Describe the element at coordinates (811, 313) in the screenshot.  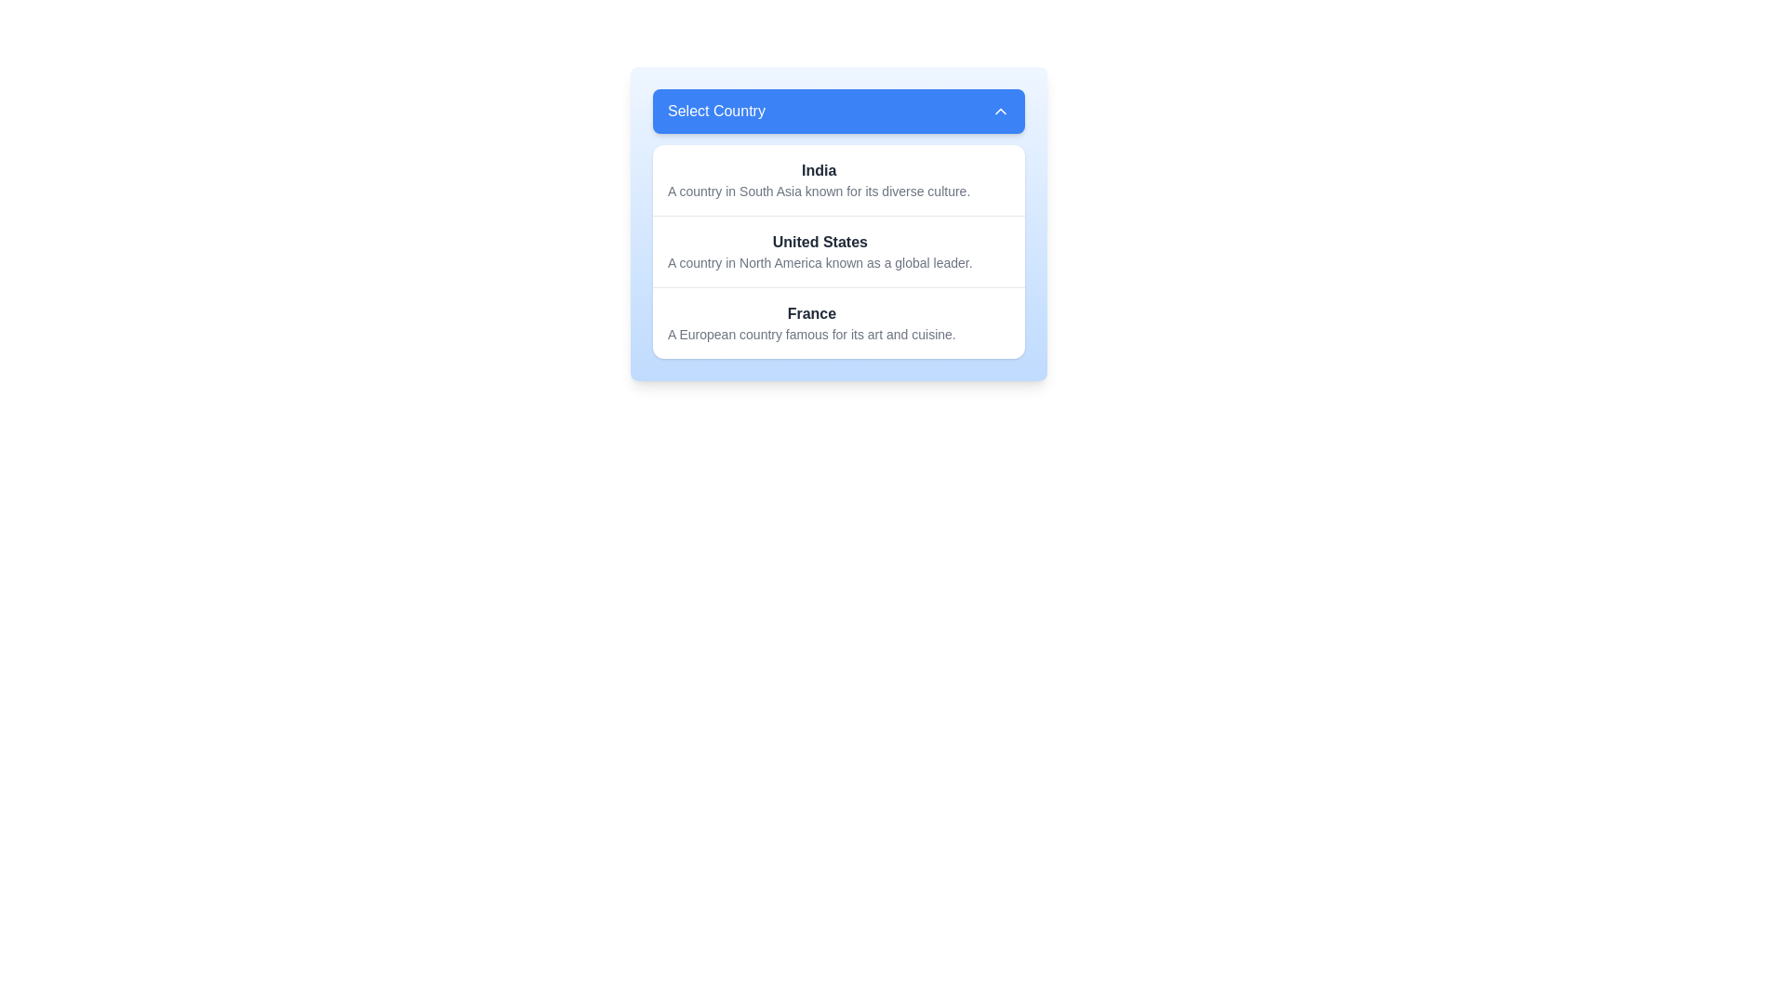
I see `the static text label 'France' which is the last option in the 'Select Country' dropdown list, providing a visual cue for country selection` at that location.